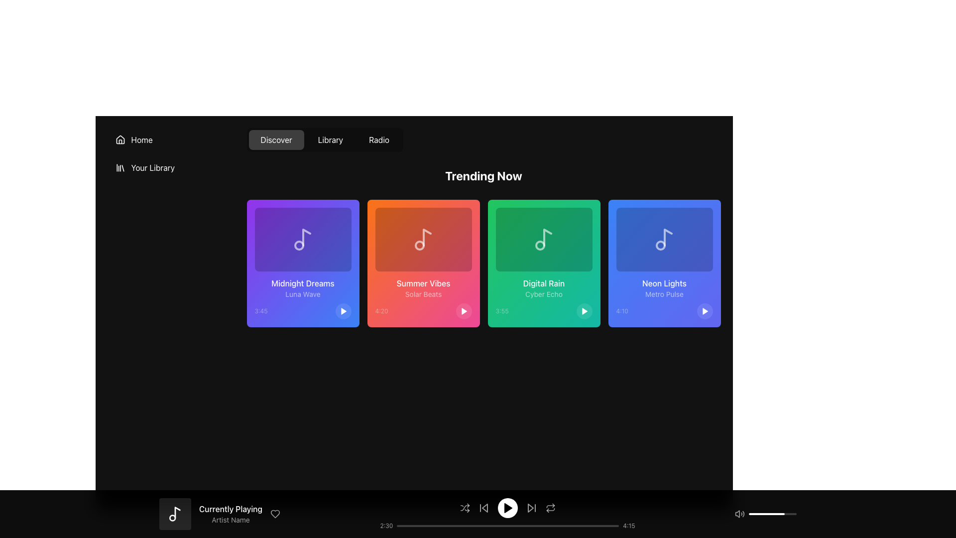 The image size is (956, 538). What do you see at coordinates (413, 526) in the screenshot?
I see `playback position` at bounding box center [413, 526].